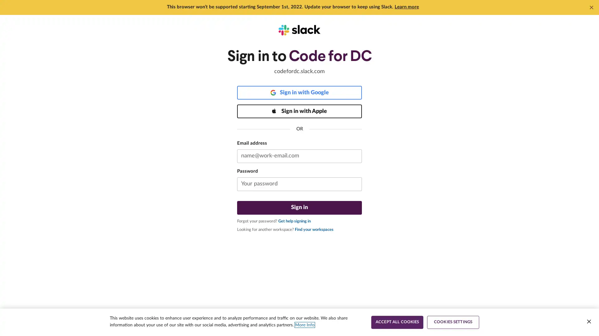 This screenshot has width=599, height=336. I want to click on Sign in with Google, so click(299, 92).